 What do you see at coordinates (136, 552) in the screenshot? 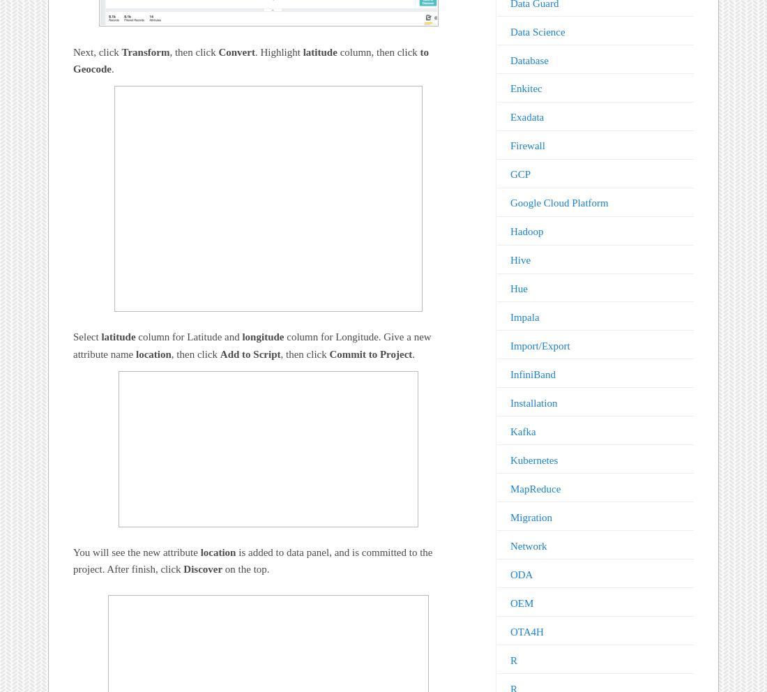
I see `'You will see the new attribute'` at bounding box center [136, 552].